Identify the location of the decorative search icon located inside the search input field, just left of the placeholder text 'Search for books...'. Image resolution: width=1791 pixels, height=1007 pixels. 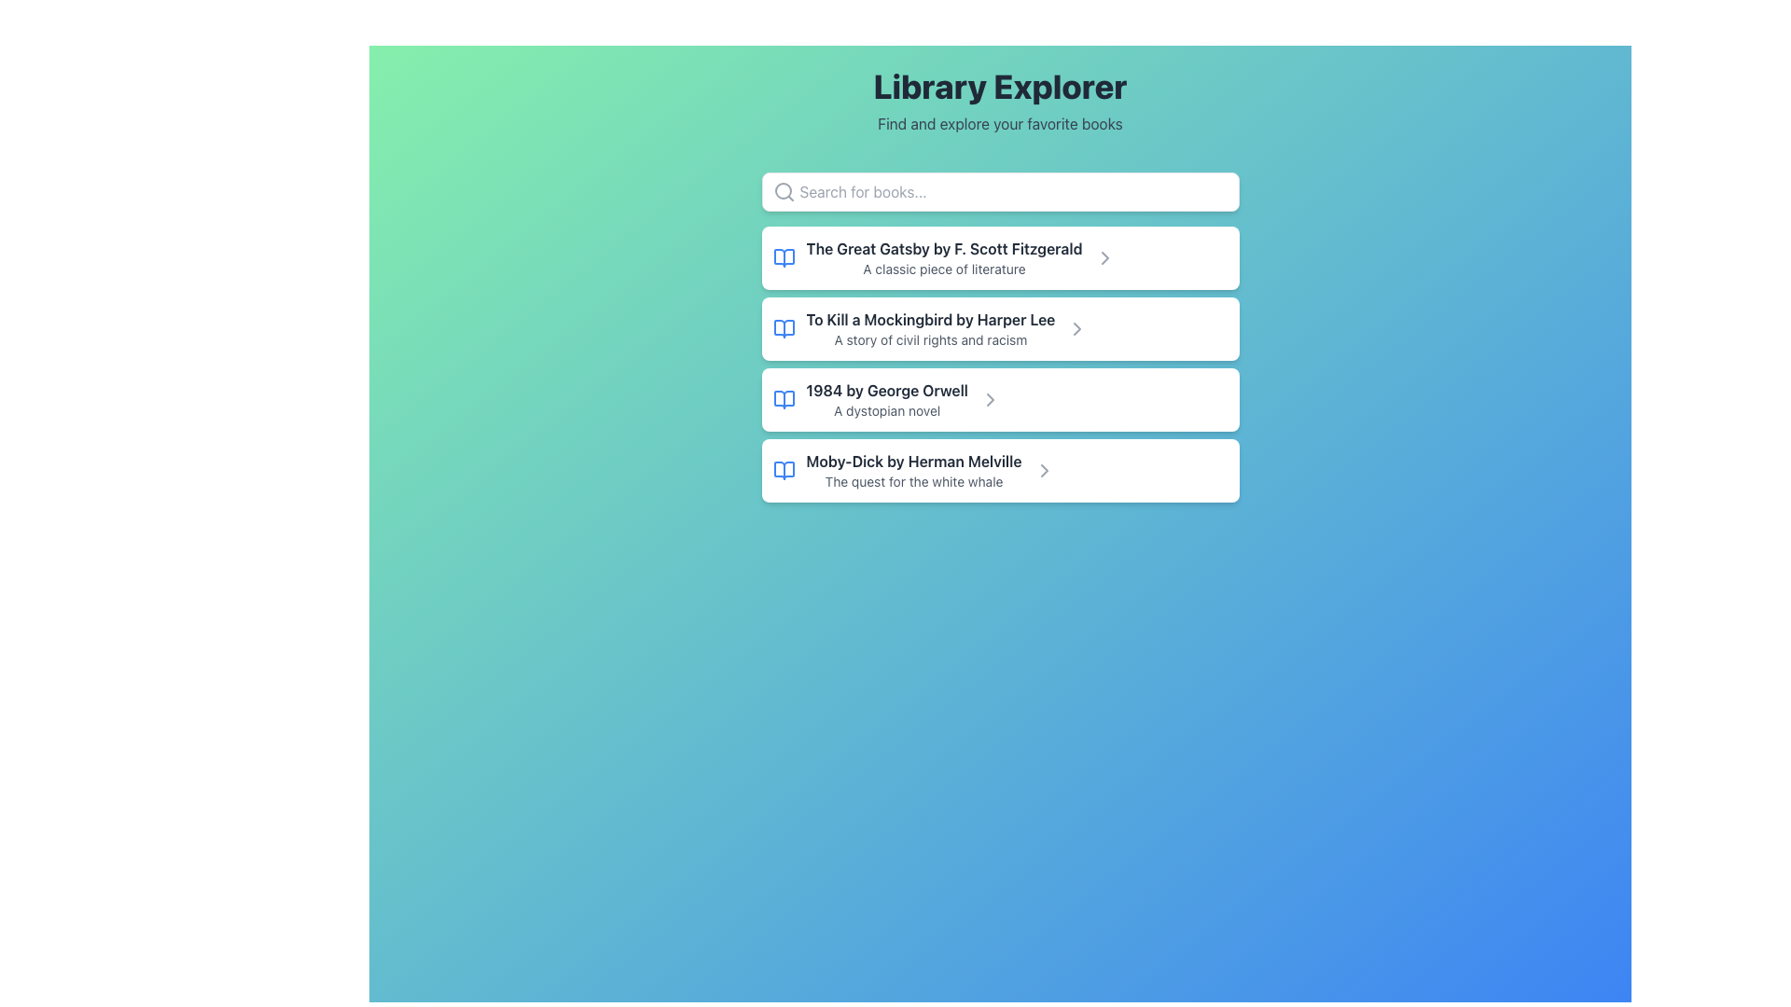
(784, 191).